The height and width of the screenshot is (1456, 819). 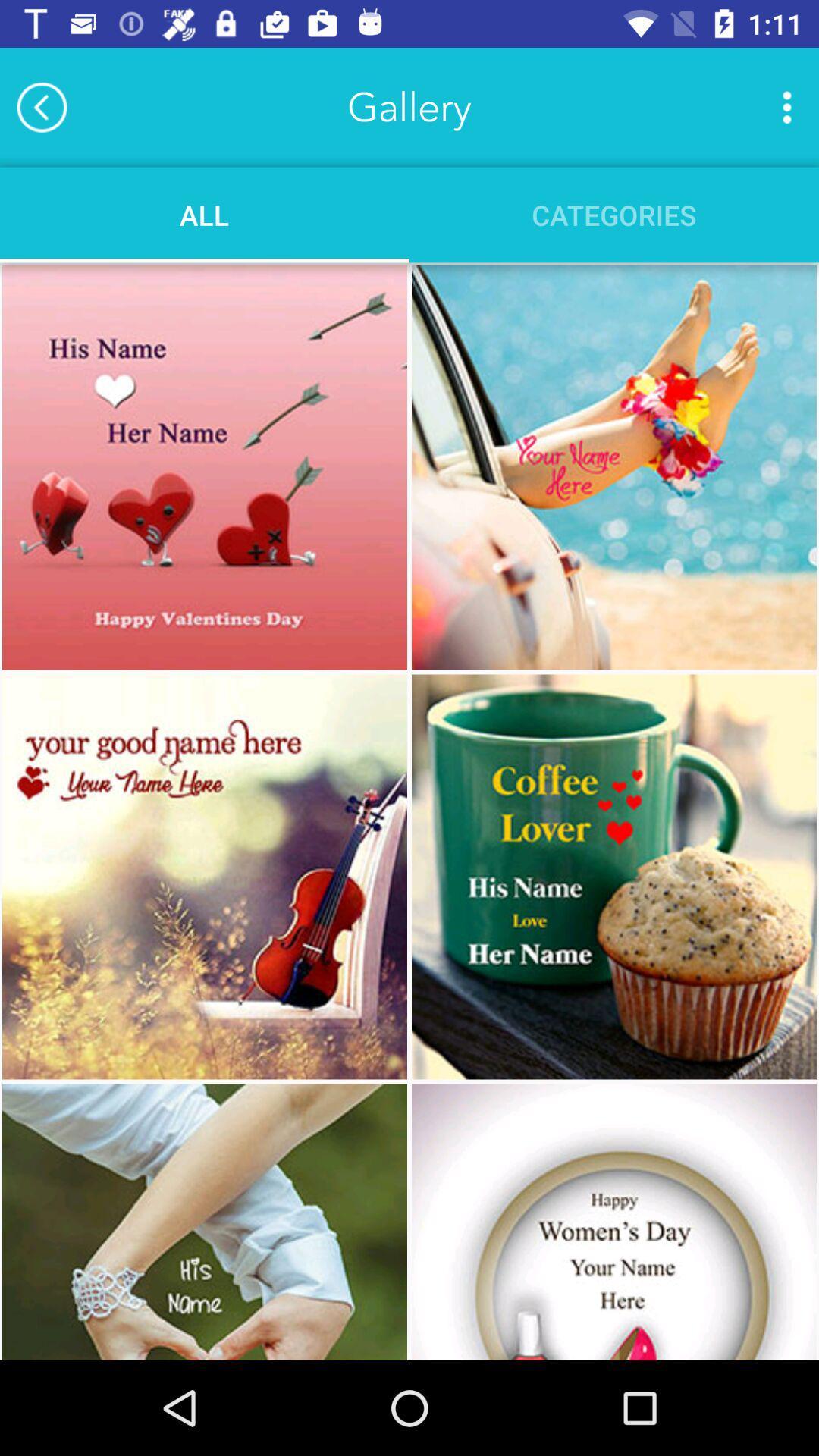 I want to click on open app options, so click(x=786, y=106).